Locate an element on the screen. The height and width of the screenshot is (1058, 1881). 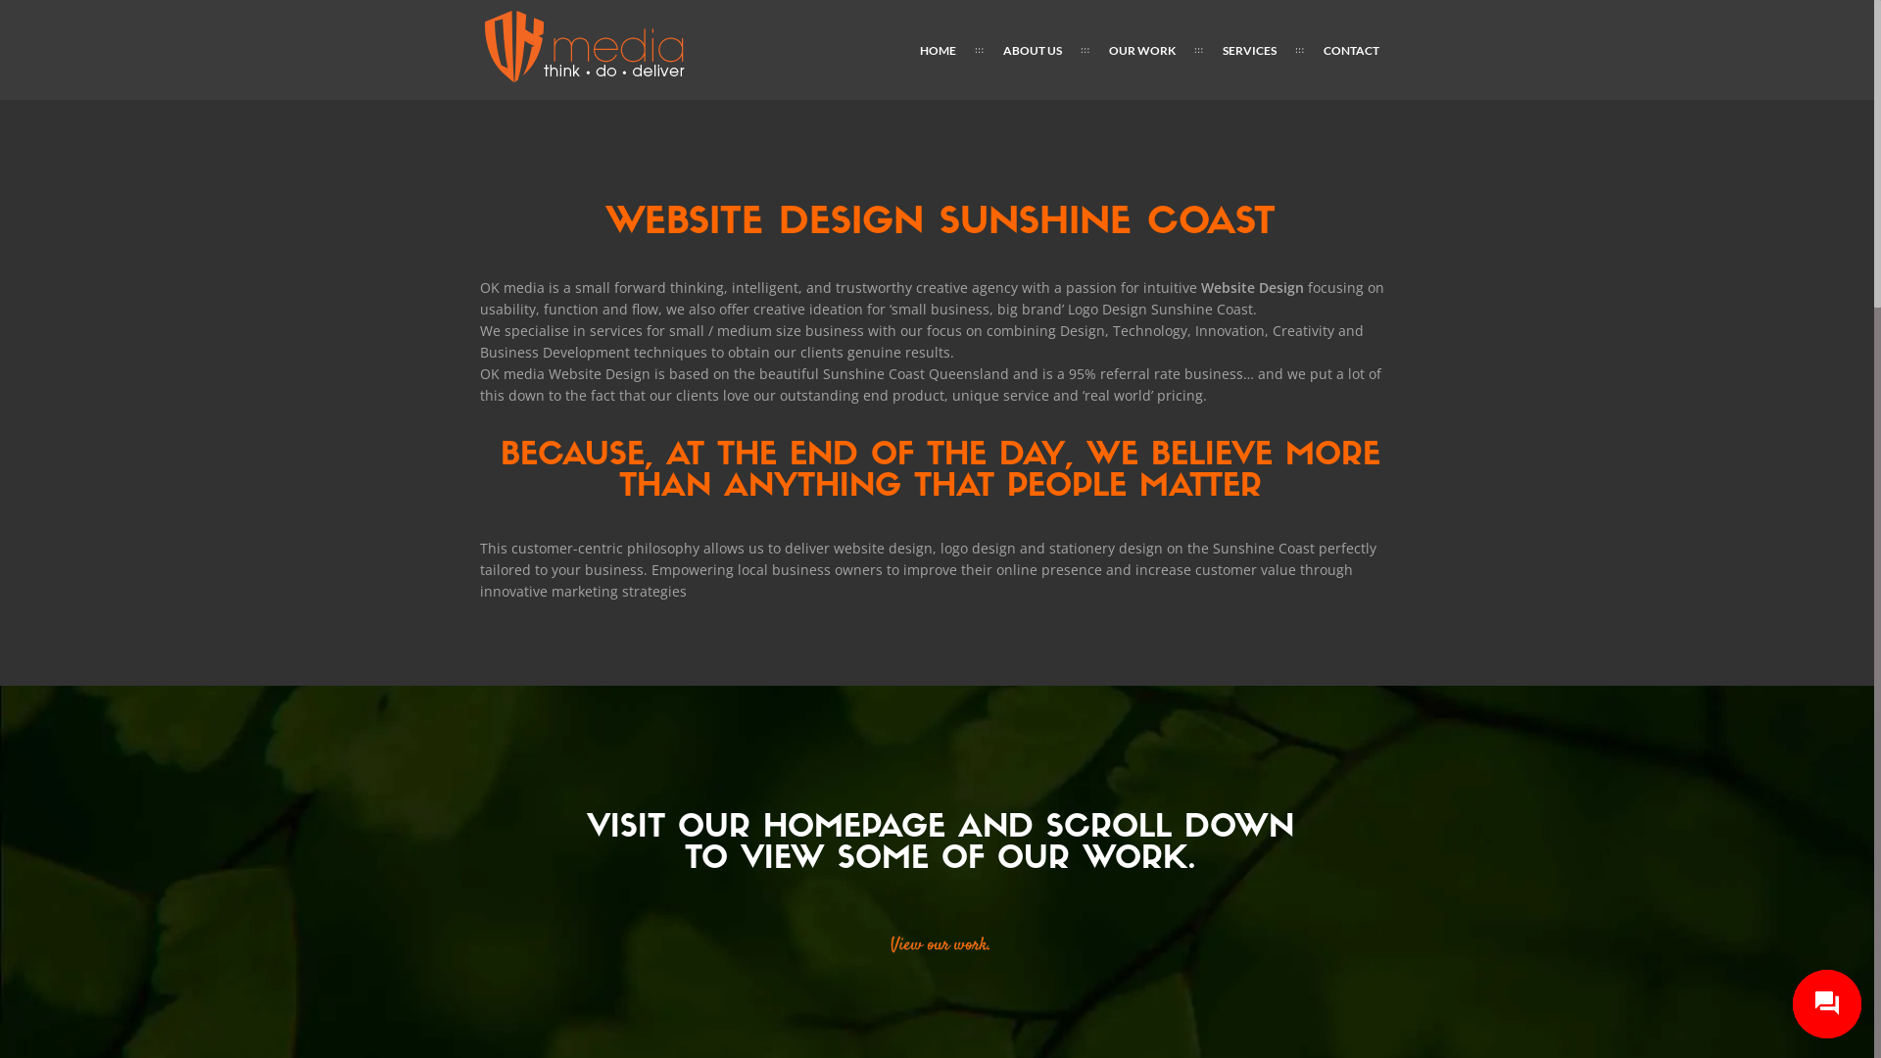
'HOME' is located at coordinates (919, 50).